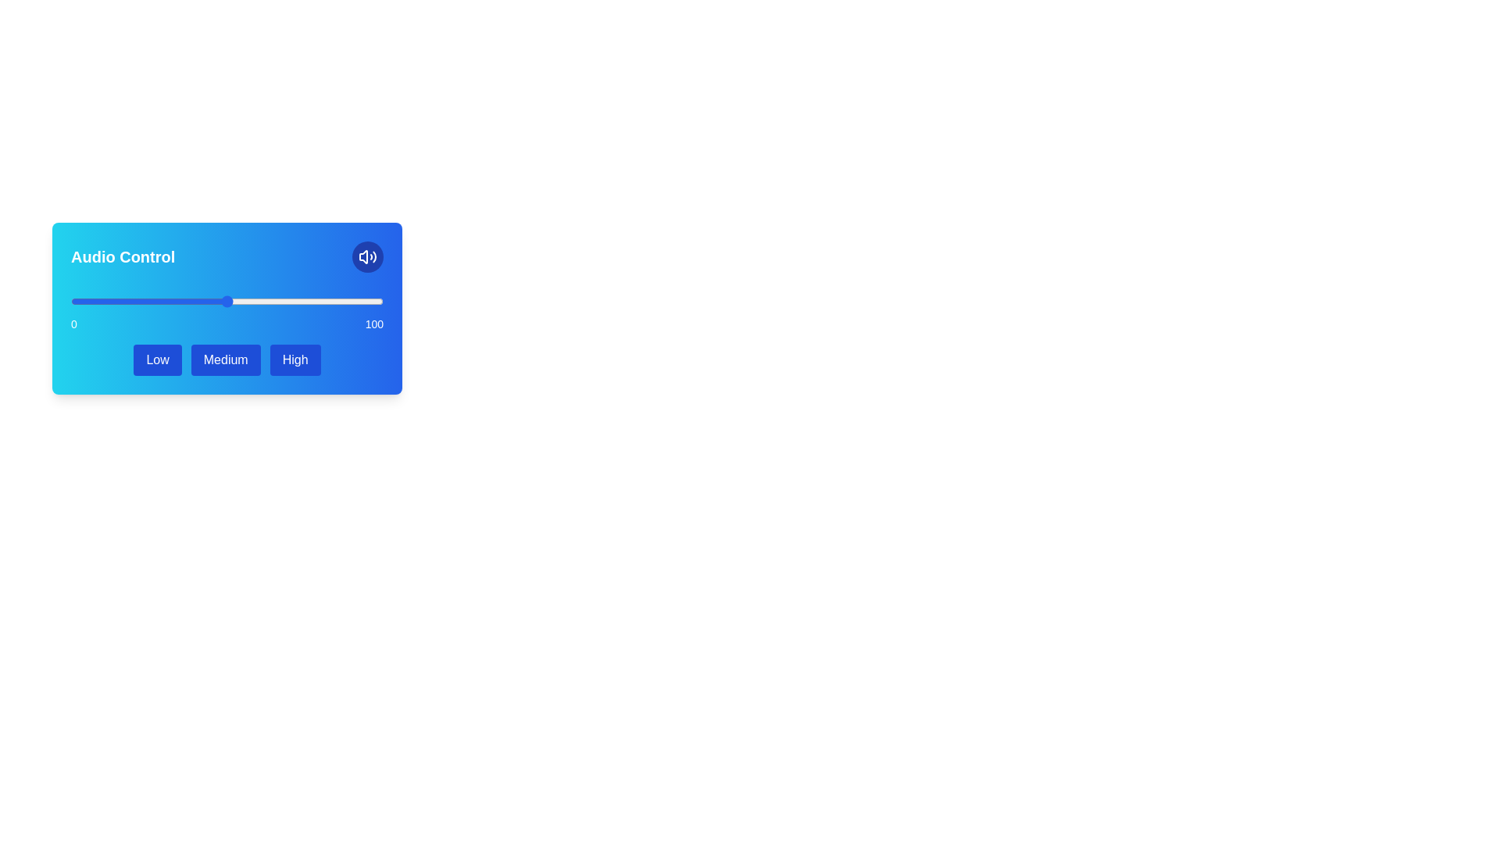  What do you see at coordinates (123, 301) in the screenshot?
I see `the slider value` at bounding box center [123, 301].